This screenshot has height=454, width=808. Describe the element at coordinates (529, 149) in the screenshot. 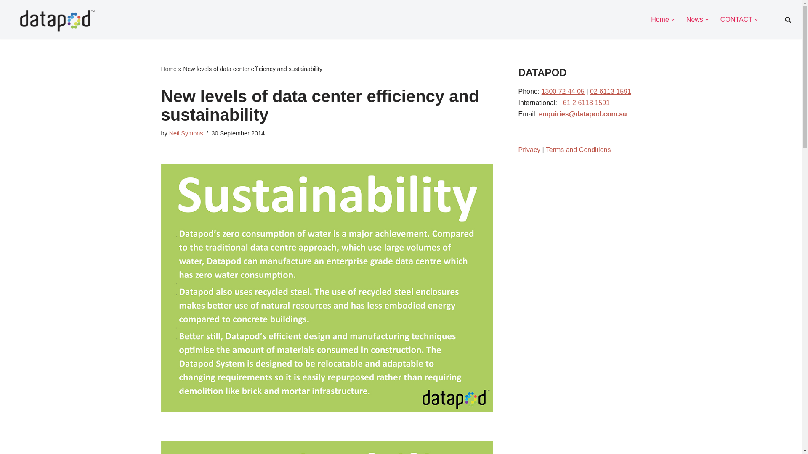

I see `'Privacy'` at that location.